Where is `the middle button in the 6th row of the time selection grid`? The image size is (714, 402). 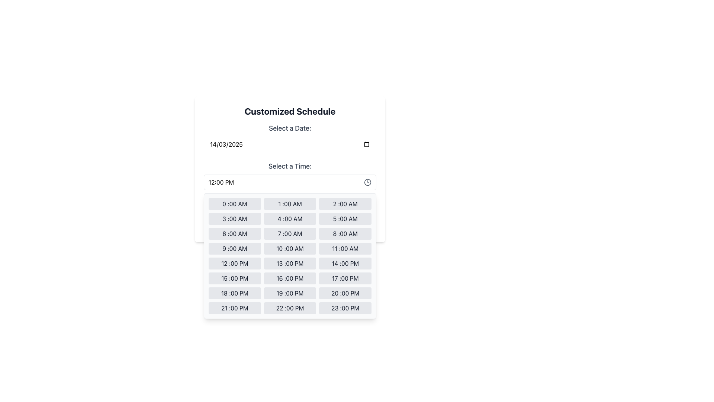
the middle button in the 6th row of the time selection grid is located at coordinates (289, 278).